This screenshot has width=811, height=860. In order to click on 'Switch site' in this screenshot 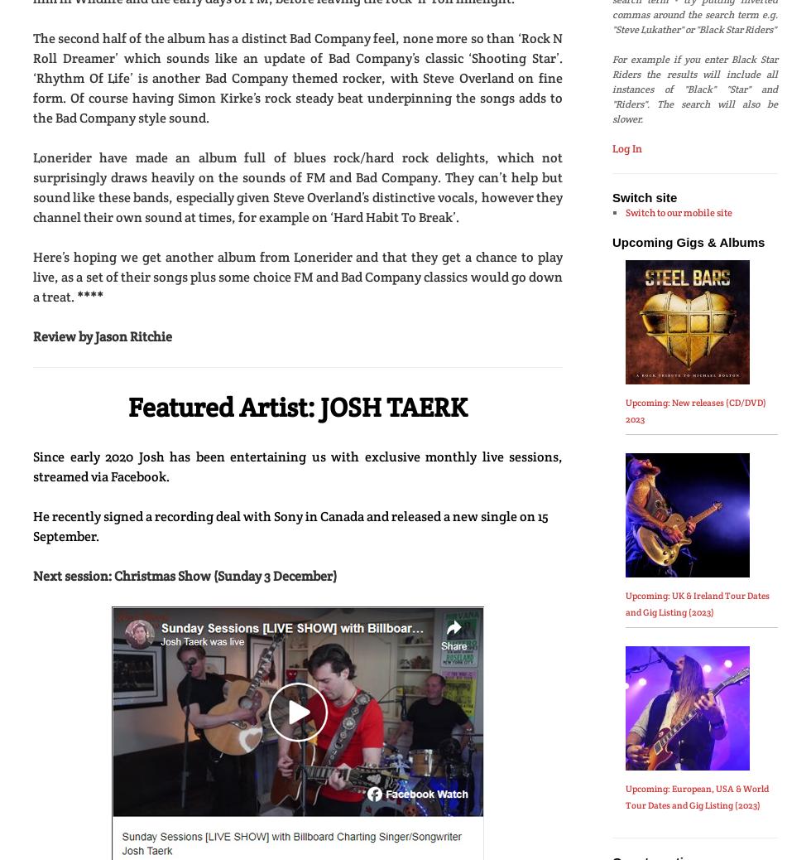, I will do `click(645, 196)`.